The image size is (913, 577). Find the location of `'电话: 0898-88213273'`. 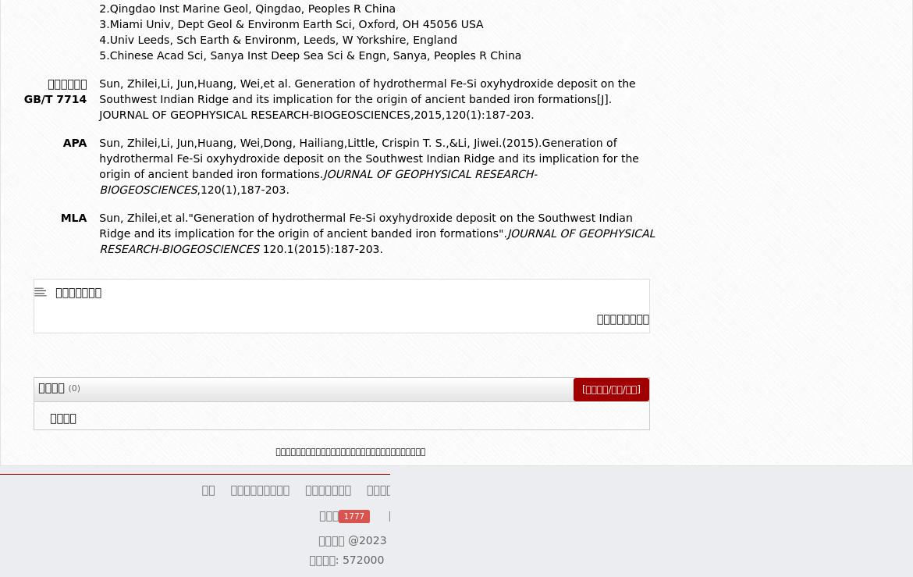

'电话: 0898-88213273' is located at coordinates (447, 559).